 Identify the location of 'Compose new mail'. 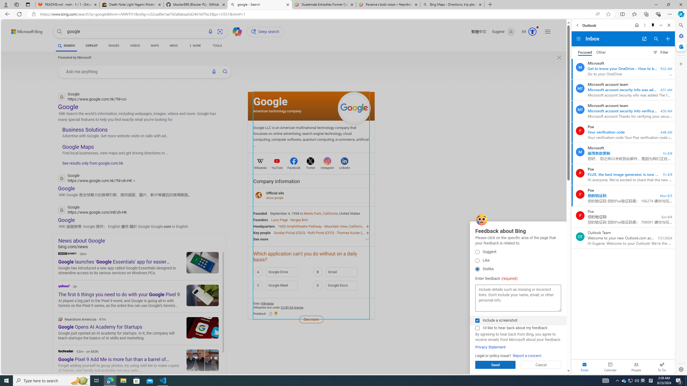
(667, 39).